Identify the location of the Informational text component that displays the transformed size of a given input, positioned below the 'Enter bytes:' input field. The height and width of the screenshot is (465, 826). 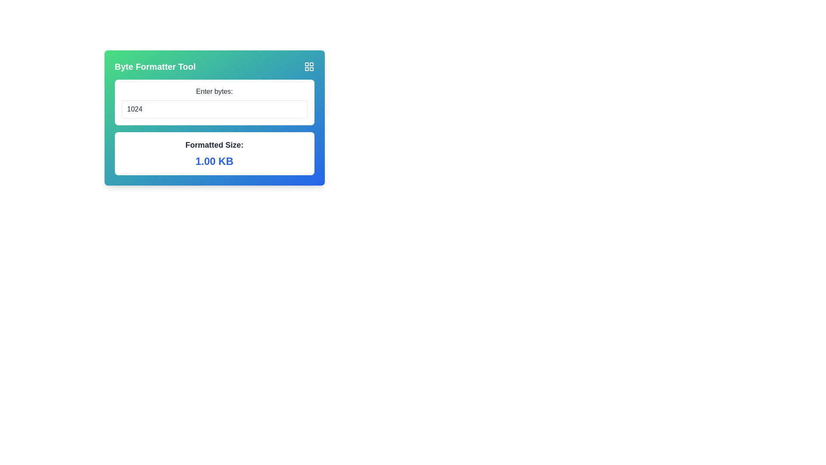
(214, 153).